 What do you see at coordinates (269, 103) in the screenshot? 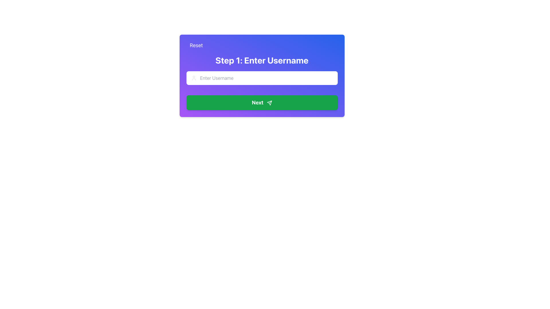
I see `the small upward-right arrow icon with white strokes inside the green rectangle button labeled 'Next'` at bounding box center [269, 103].